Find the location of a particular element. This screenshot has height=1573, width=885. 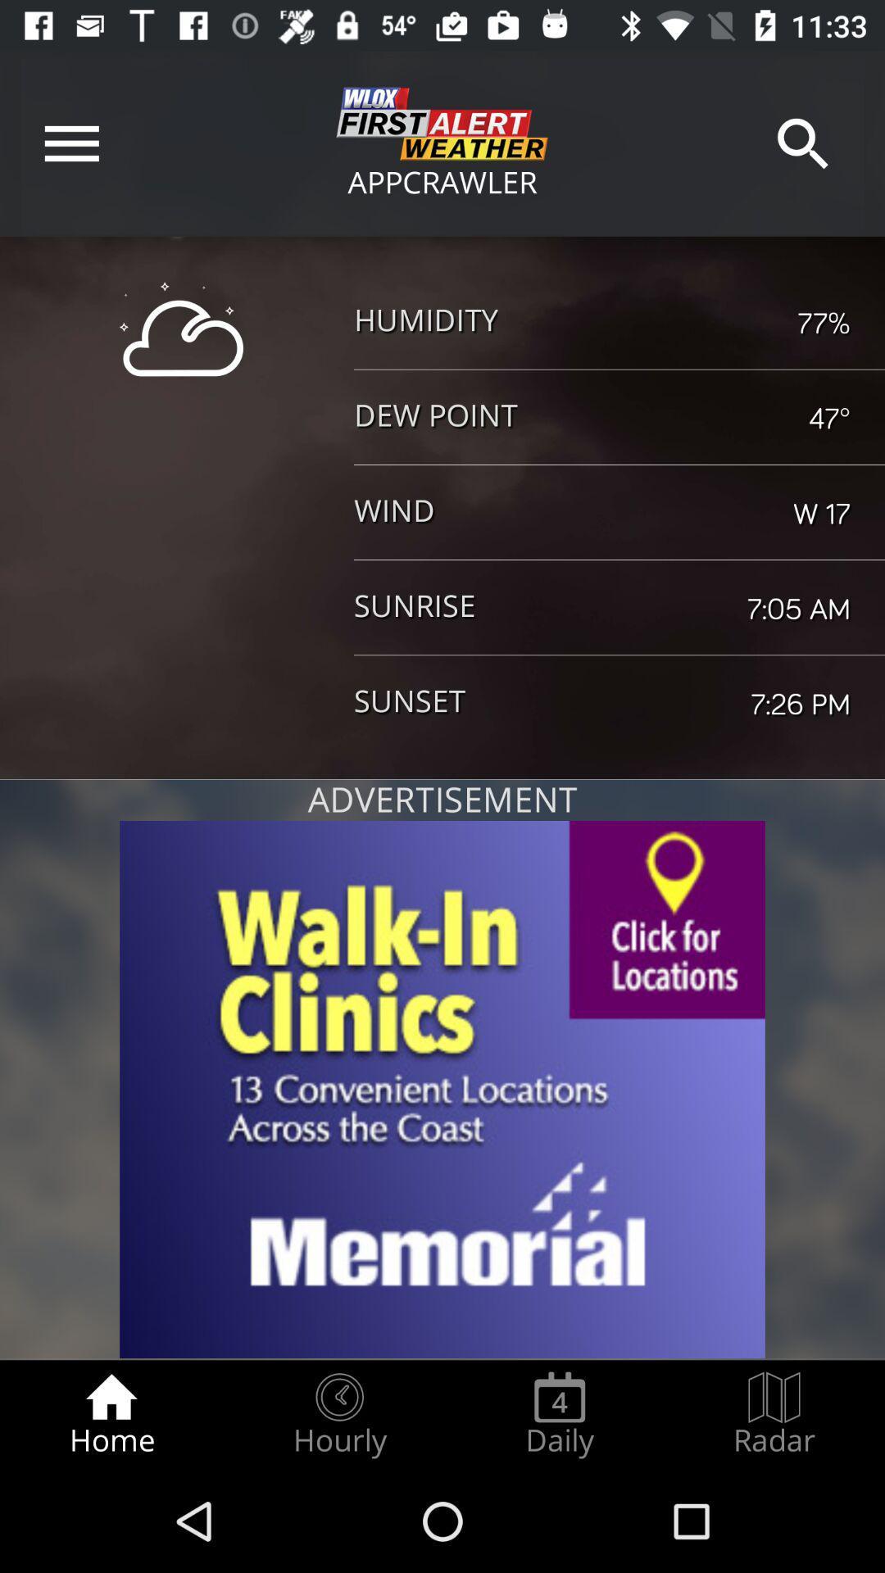

the daily item is located at coordinates (559, 1414).